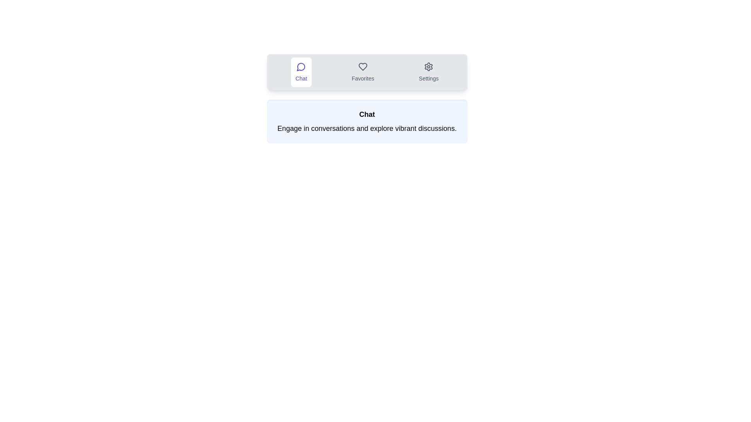 Image resolution: width=751 pixels, height=422 pixels. What do you see at coordinates (301, 72) in the screenshot?
I see `the icon within the tab labeled Chat` at bounding box center [301, 72].